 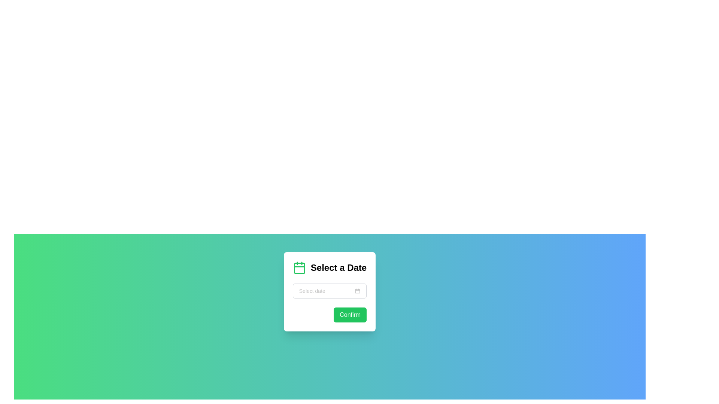 What do you see at coordinates (330, 315) in the screenshot?
I see `the green 'Confirm' button with rounded edges located in the lower right corner of the 'Select a Date' card` at bounding box center [330, 315].